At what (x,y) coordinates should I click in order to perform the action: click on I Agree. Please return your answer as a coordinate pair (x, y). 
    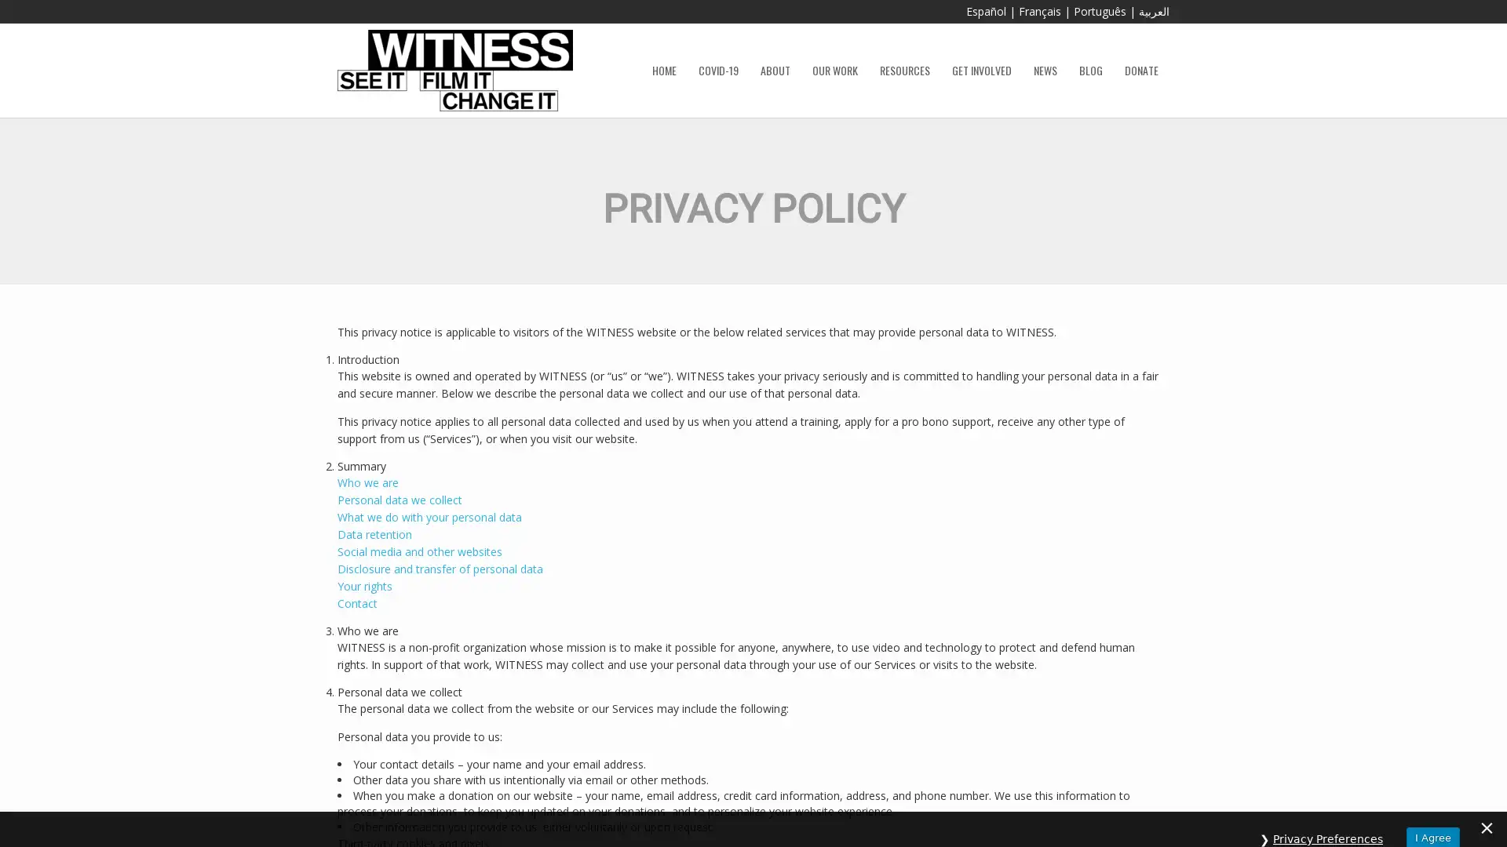
    Looking at the image, I should click on (1432, 817).